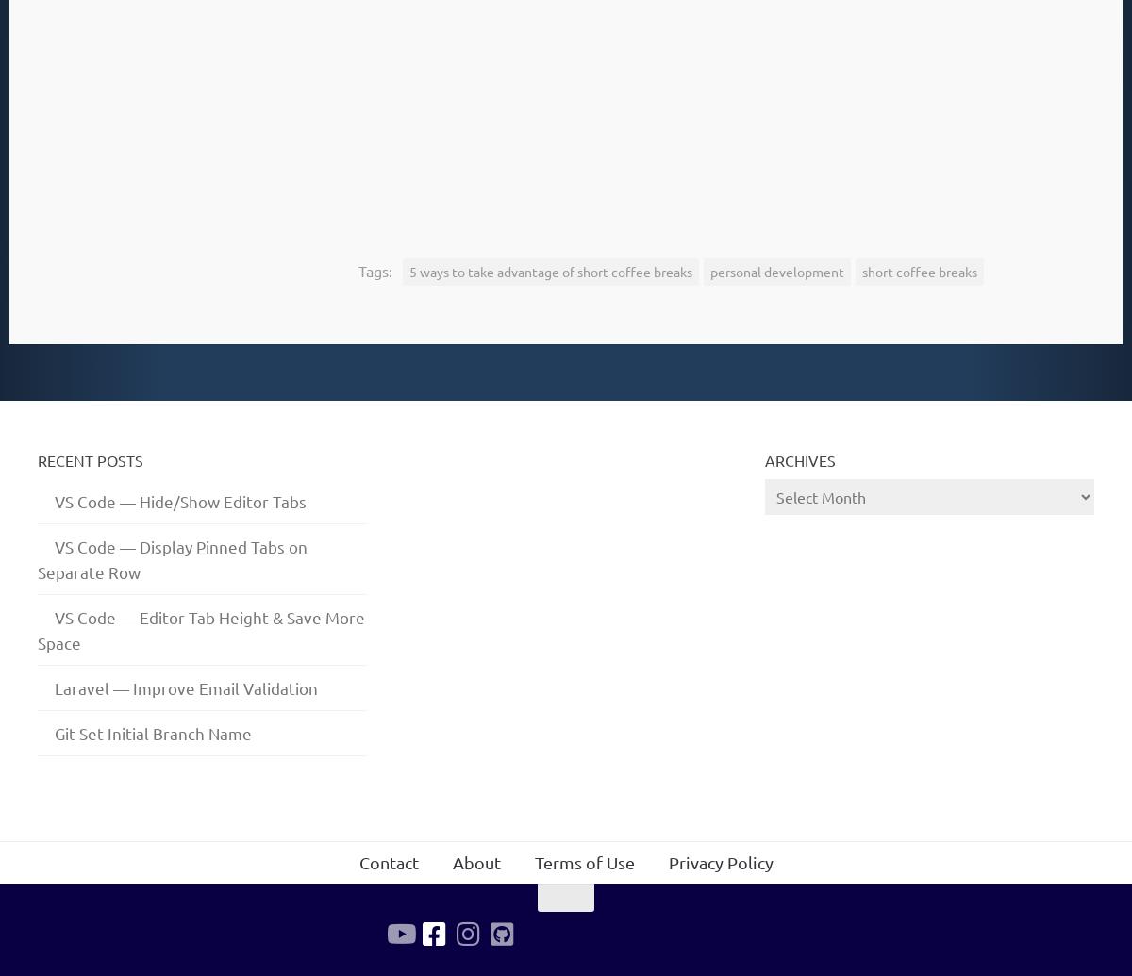 Image resolution: width=1132 pixels, height=976 pixels. I want to click on 'VS Code — Editor Tab Height & Save More Space', so click(200, 628).